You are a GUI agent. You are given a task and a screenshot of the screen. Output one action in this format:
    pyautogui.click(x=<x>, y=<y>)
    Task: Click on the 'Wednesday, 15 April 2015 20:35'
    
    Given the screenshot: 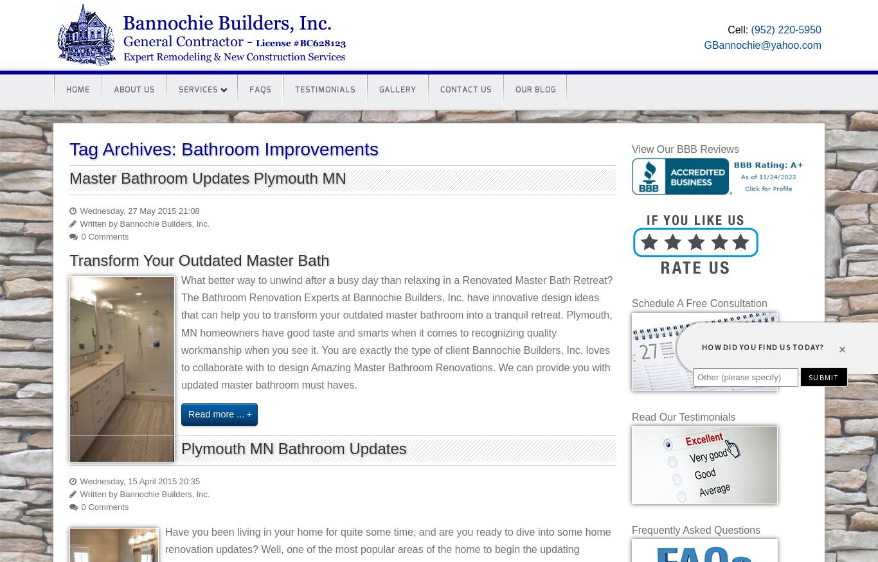 What is the action you would take?
    pyautogui.click(x=138, y=481)
    